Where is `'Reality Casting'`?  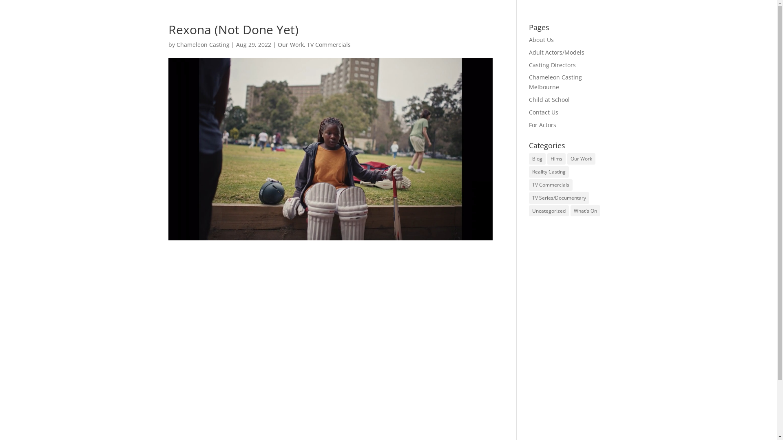
'Reality Casting' is located at coordinates (549, 171).